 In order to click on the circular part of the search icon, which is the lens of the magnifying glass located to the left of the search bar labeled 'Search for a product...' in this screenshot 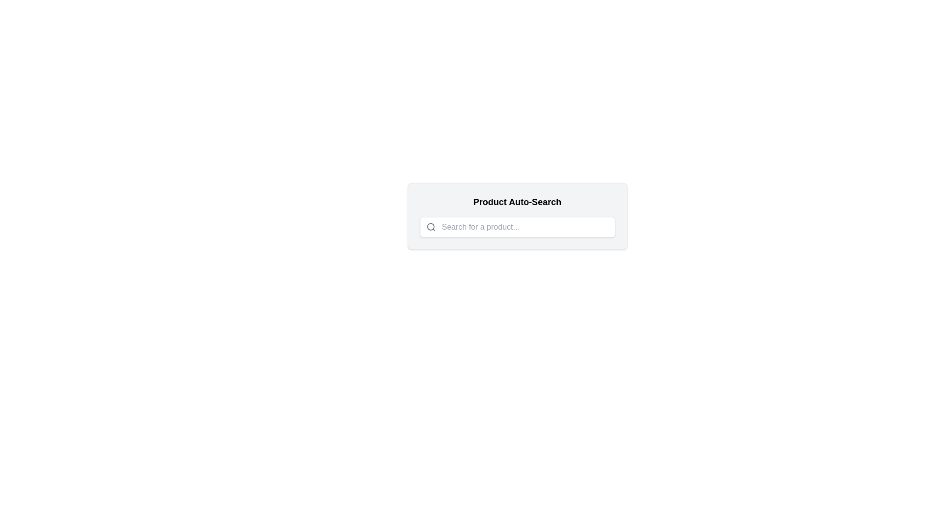, I will do `click(430, 227)`.